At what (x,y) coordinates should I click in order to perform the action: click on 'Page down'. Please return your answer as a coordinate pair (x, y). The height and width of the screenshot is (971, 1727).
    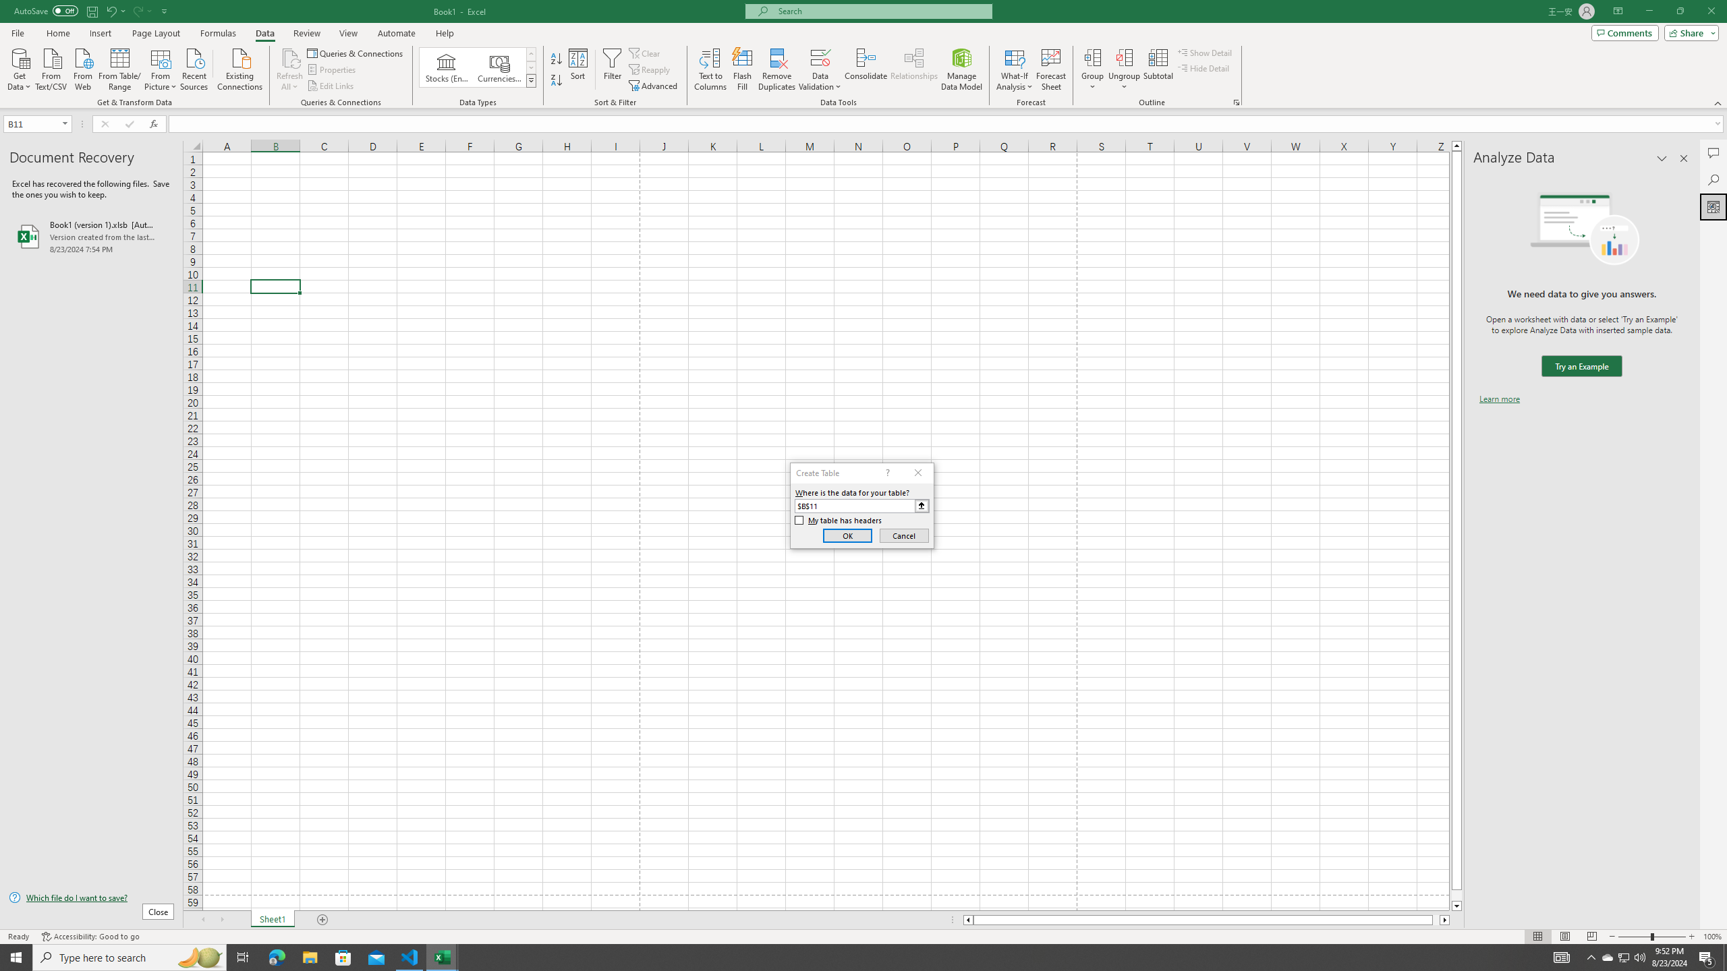
    Looking at the image, I should click on (1456, 895).